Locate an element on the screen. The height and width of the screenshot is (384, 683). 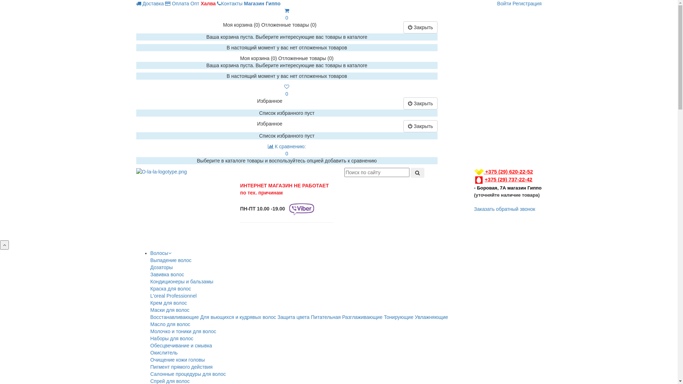
'velcom.png' is located at coordinates (474, 172).